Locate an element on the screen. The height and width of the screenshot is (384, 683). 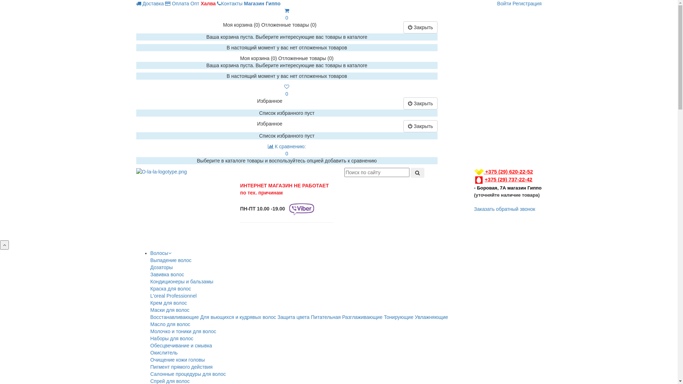
'velcom.png' is located at coordinates (474, 172).